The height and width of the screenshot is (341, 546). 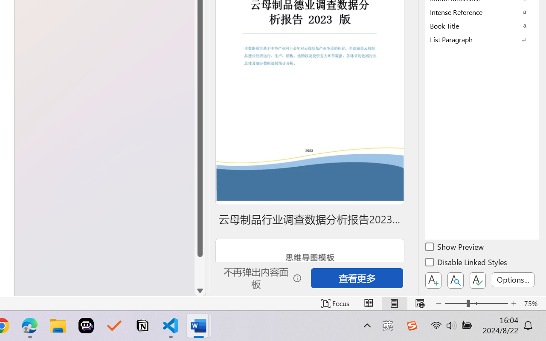 What do you see at coordinates (467, 263) in the screenshot?
I see `'Disable Linked Styles'` at bounding box center [467, 263].